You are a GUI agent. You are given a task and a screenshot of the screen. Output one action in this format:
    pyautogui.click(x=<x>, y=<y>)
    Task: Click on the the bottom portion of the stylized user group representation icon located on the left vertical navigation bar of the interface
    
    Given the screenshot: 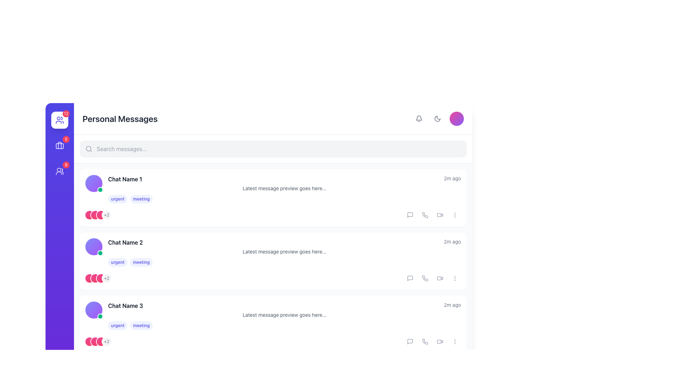 What is the action you would take?
    pyautogui.click(x=59, y=173)
    